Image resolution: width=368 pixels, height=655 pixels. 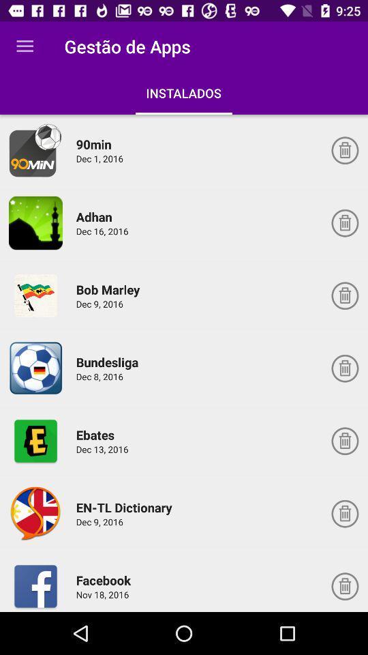 What do you see at coordinates (35, 368) in the screenshot?
I see `bundesliga application` at bounding box center [35, 368].